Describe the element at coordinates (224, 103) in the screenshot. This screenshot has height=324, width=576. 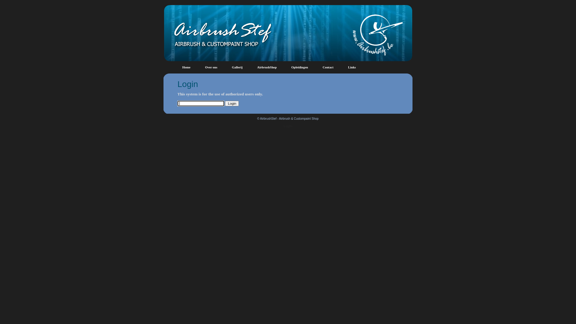
I see `'Login'` at that location.